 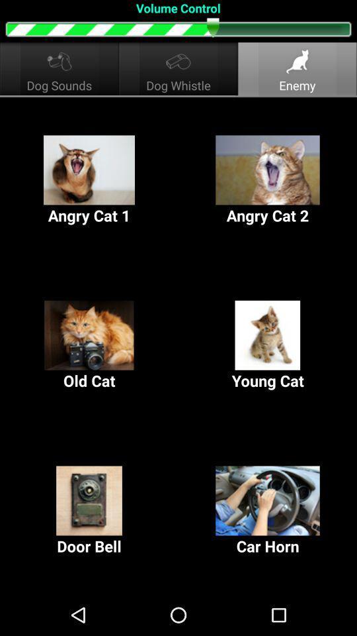 What do you see at coordinates (89, 345) in the screenshot?
I see `item to the left of young cat` at bounding box center [89, 345].